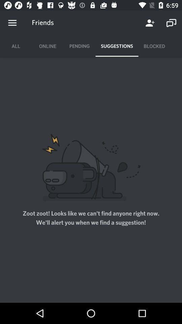 The image size is (182, 324). What do you see at coordinates (12, 23) in the screenshot?
I see `main menu` at bounding box center [12, 23].